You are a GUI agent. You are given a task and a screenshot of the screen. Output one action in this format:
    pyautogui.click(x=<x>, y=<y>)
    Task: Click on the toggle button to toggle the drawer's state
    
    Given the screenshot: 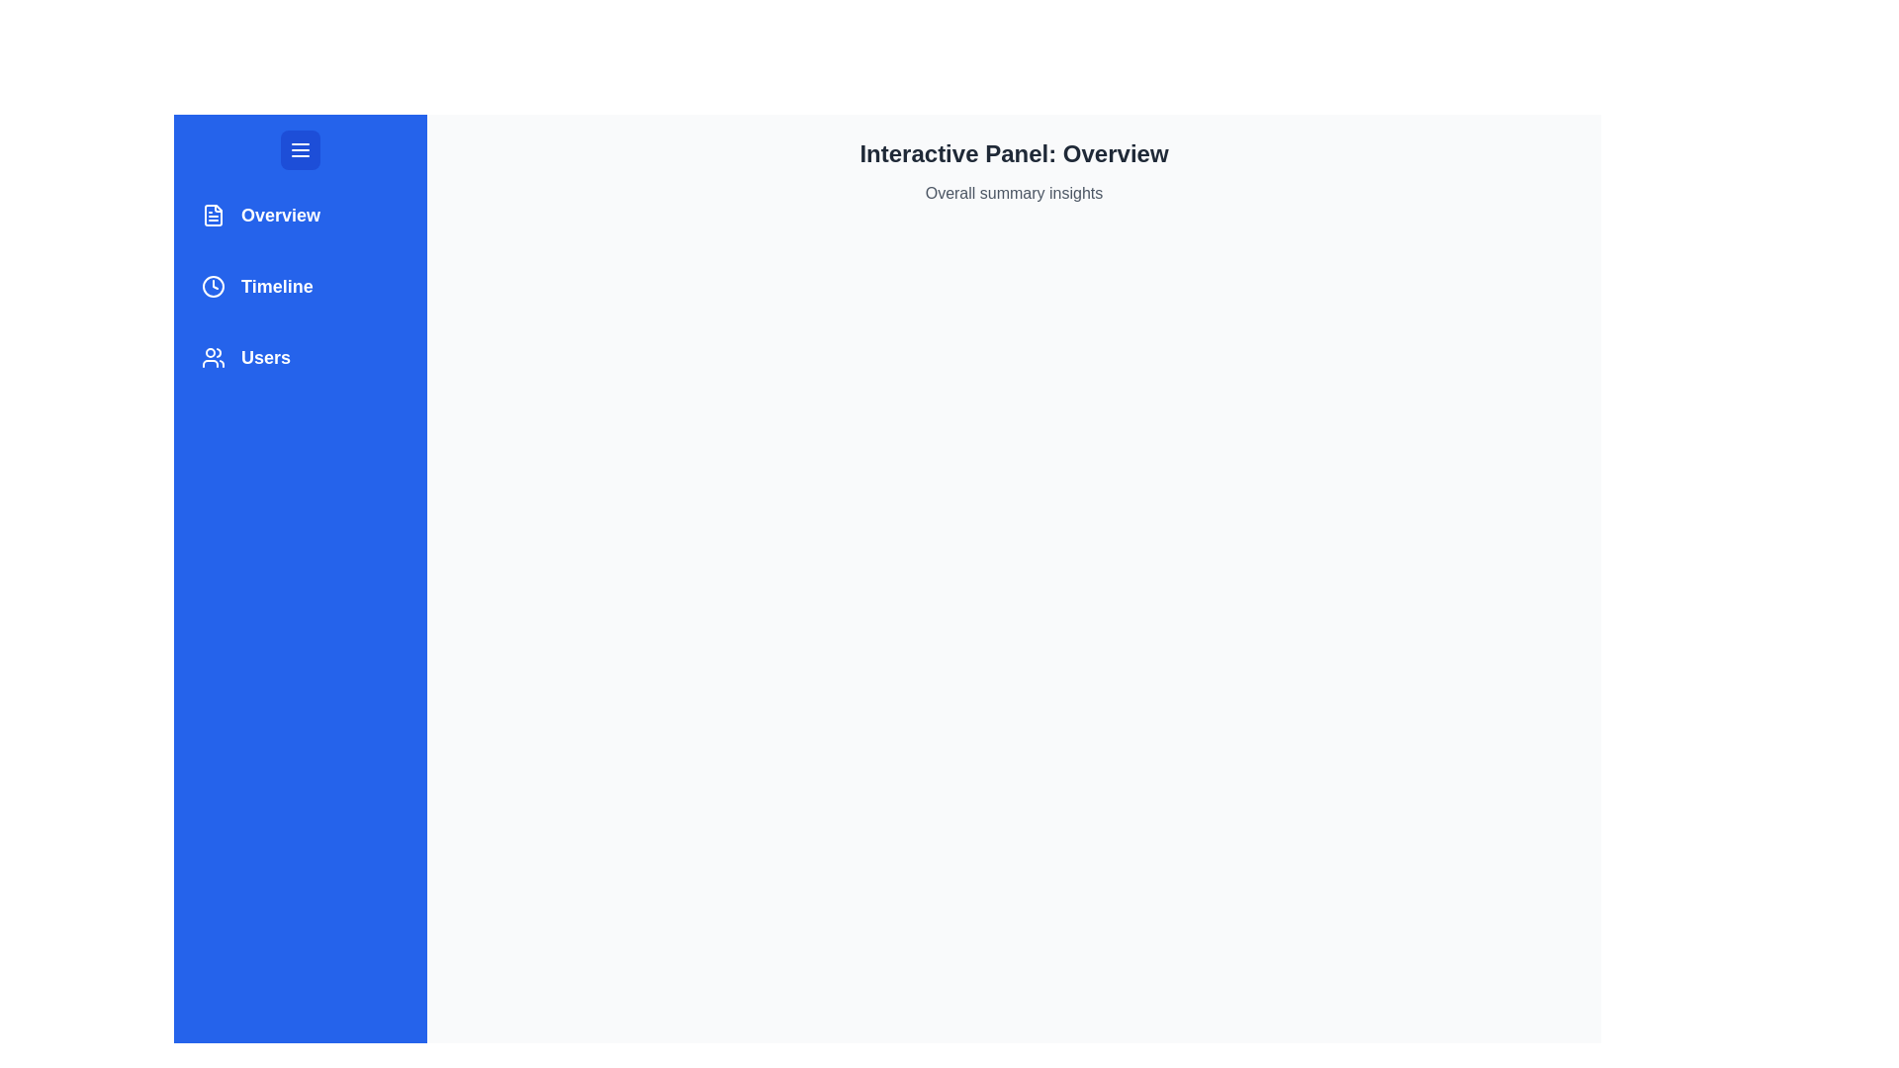 What is the action you would take?
    pyautogui.click(x=299, y=148)
    